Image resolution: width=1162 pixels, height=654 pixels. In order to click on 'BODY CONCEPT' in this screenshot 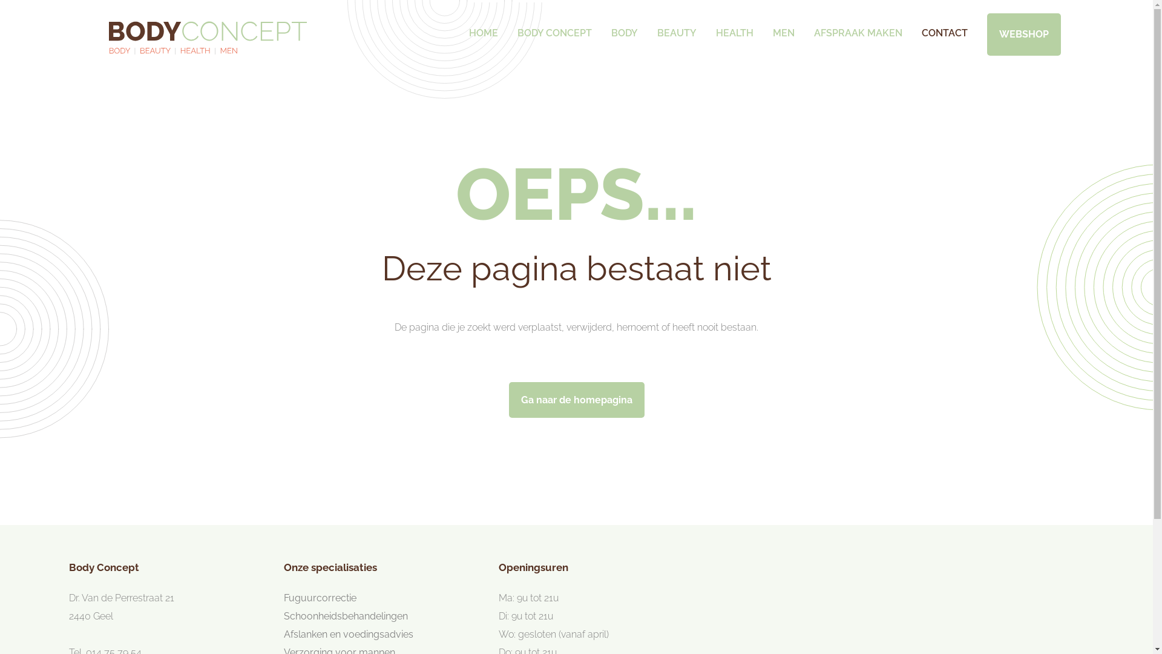, I will do `click(553, 26)`.